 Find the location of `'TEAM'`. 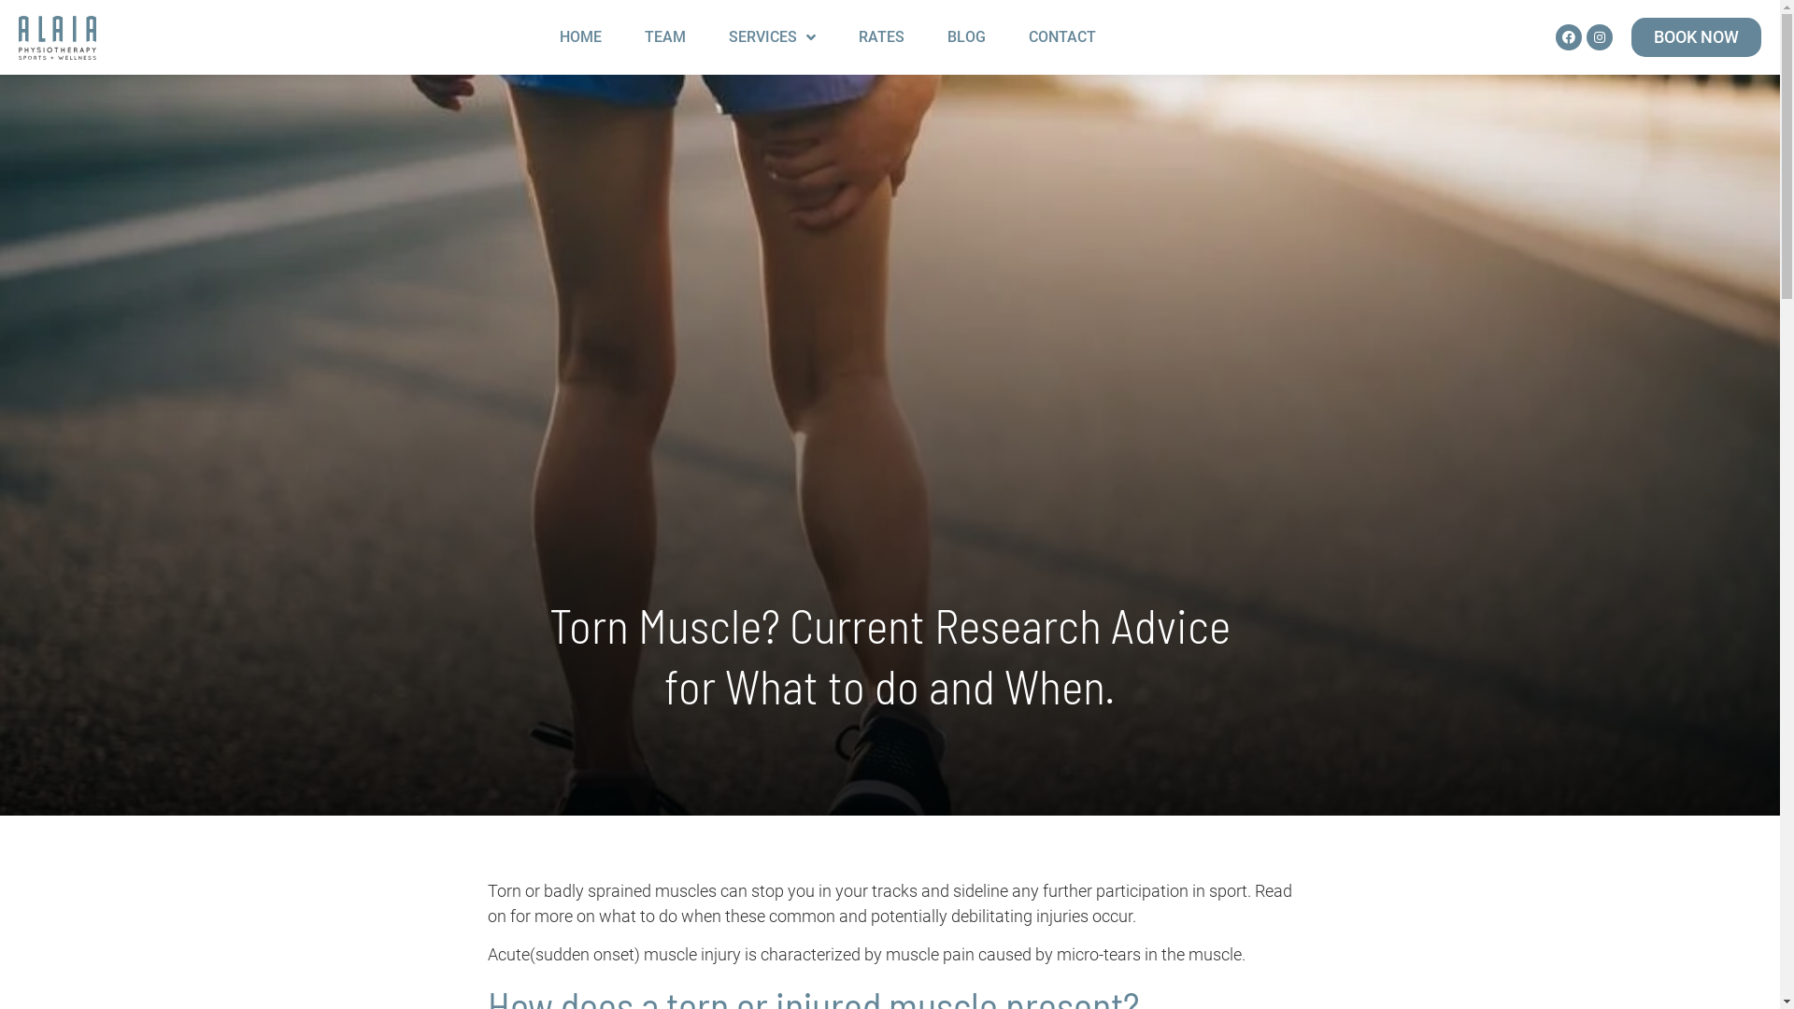

'TEAM' is located at coordinates (626, 36).